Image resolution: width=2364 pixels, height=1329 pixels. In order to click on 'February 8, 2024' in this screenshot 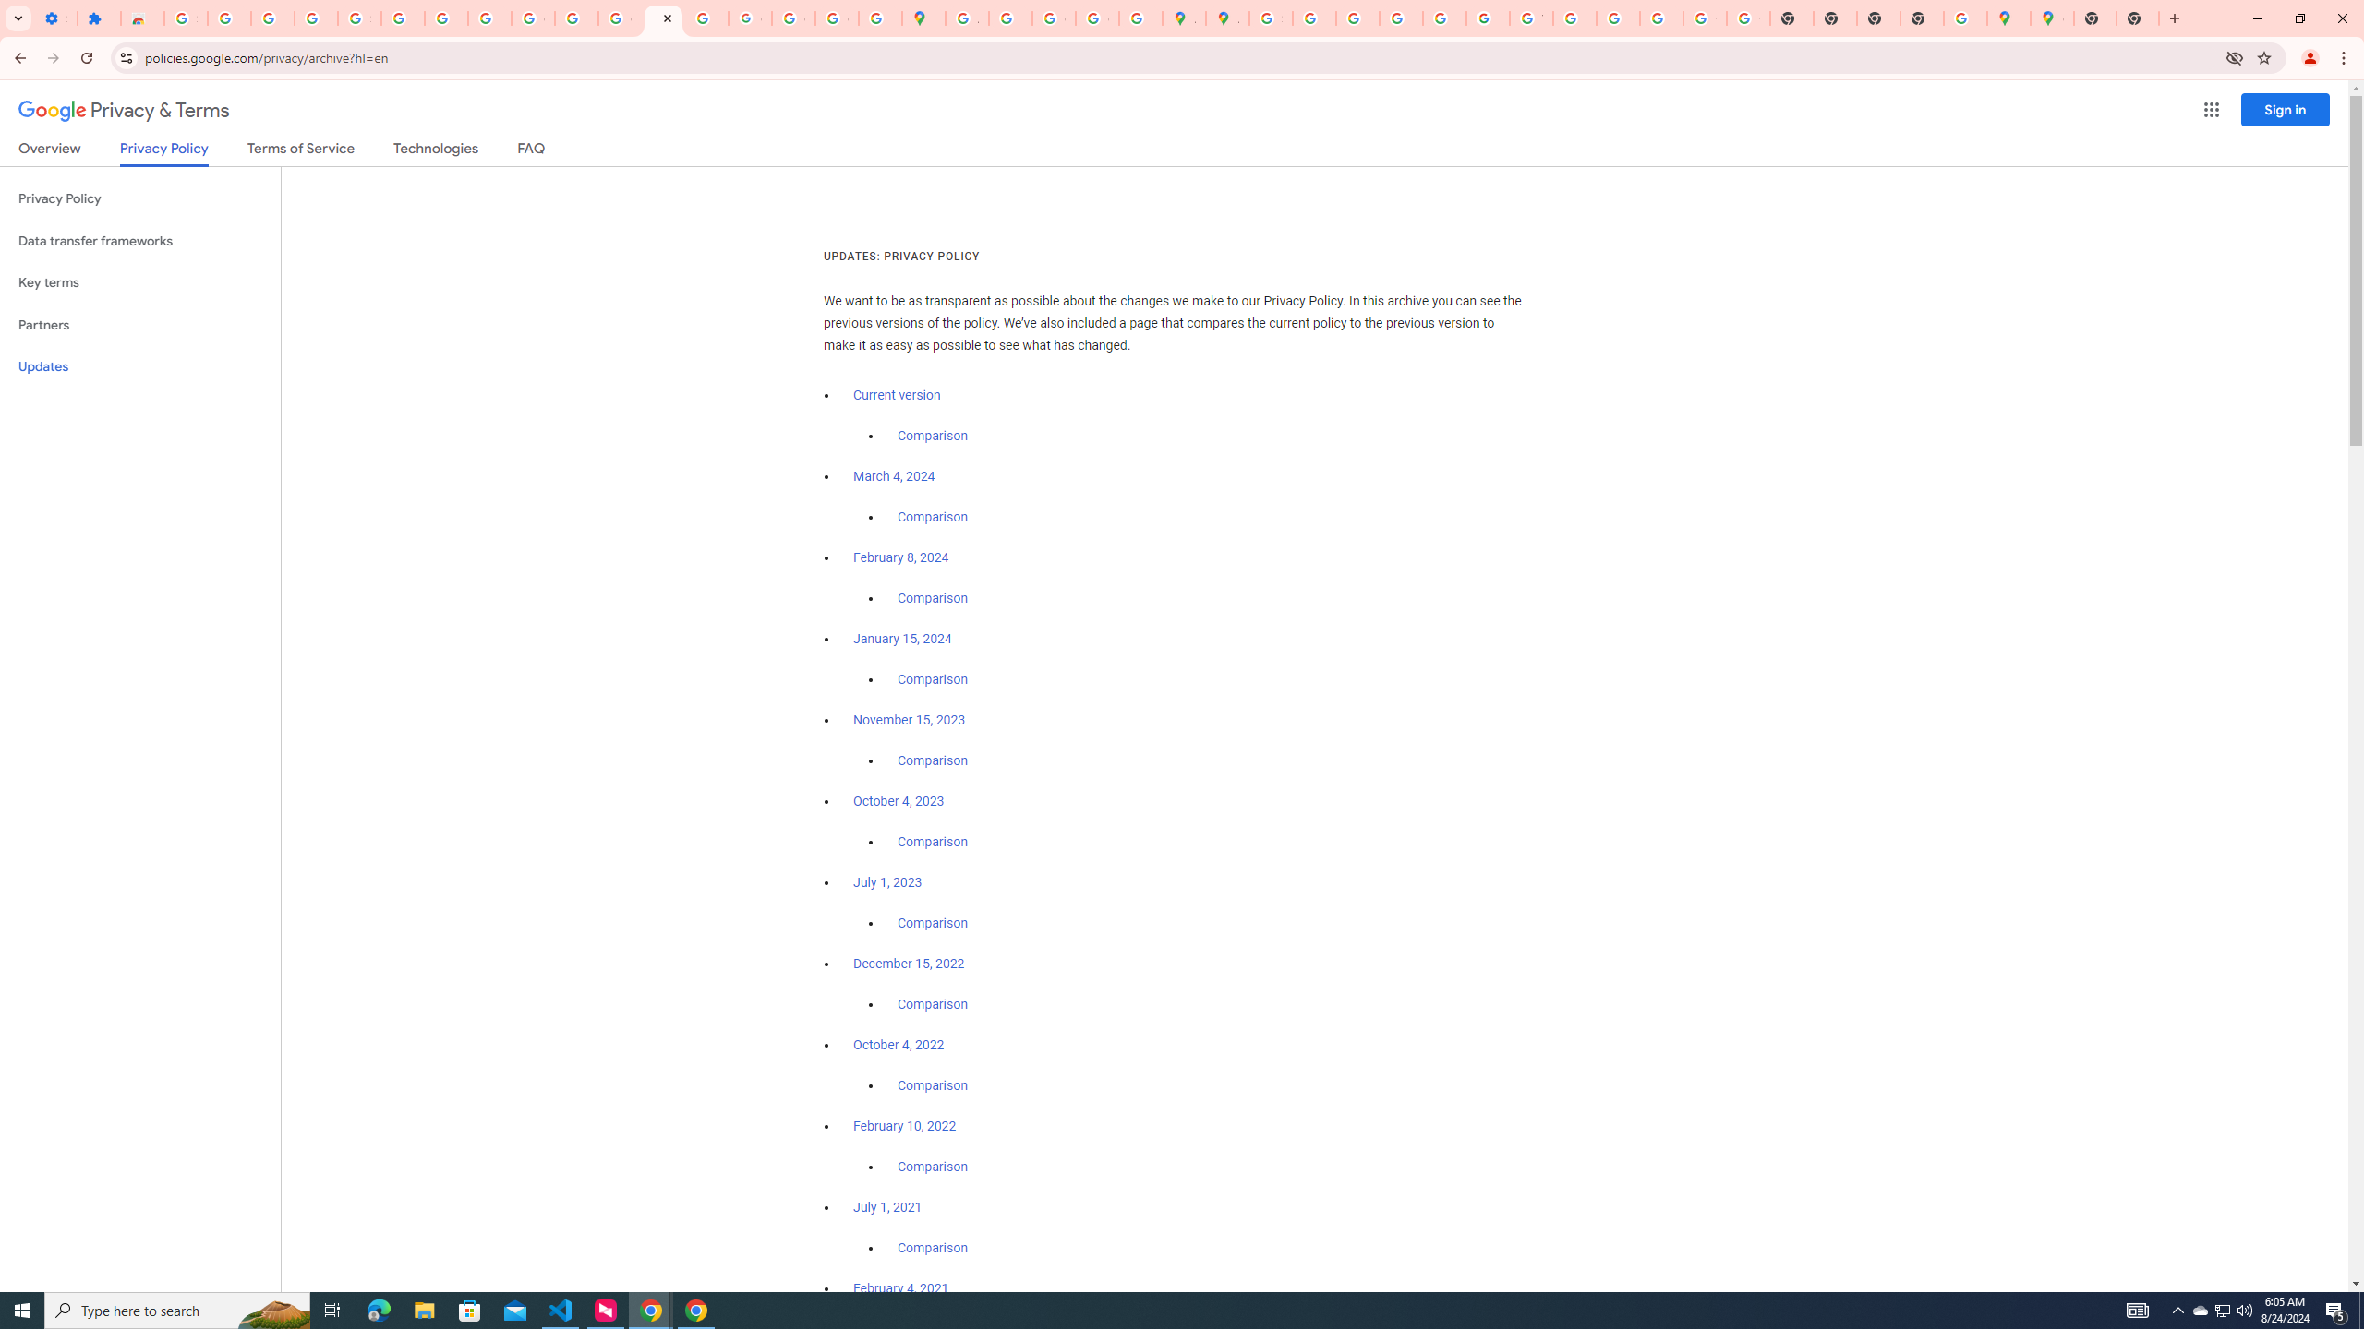, I will do `click(900, 557)`.